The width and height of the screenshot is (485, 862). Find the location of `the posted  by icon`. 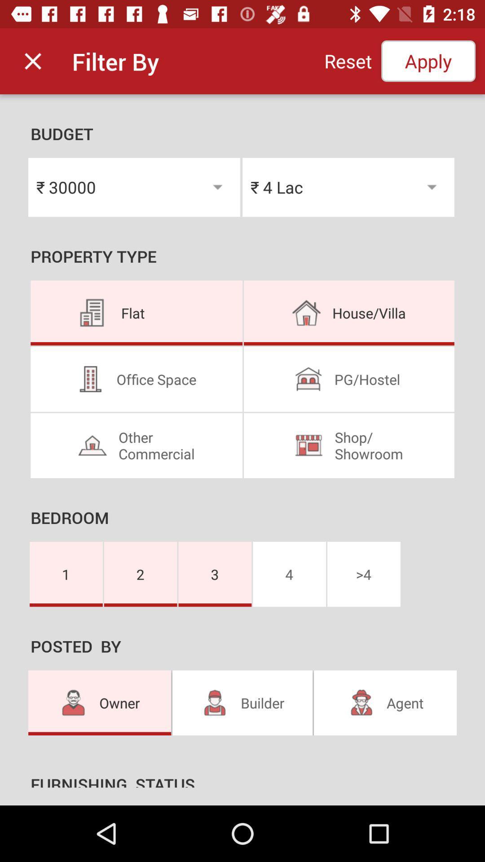

the posted  by icon is located at coordinates (242, 649).